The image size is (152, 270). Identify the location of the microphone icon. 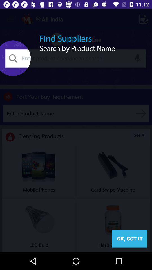
(137, 58).